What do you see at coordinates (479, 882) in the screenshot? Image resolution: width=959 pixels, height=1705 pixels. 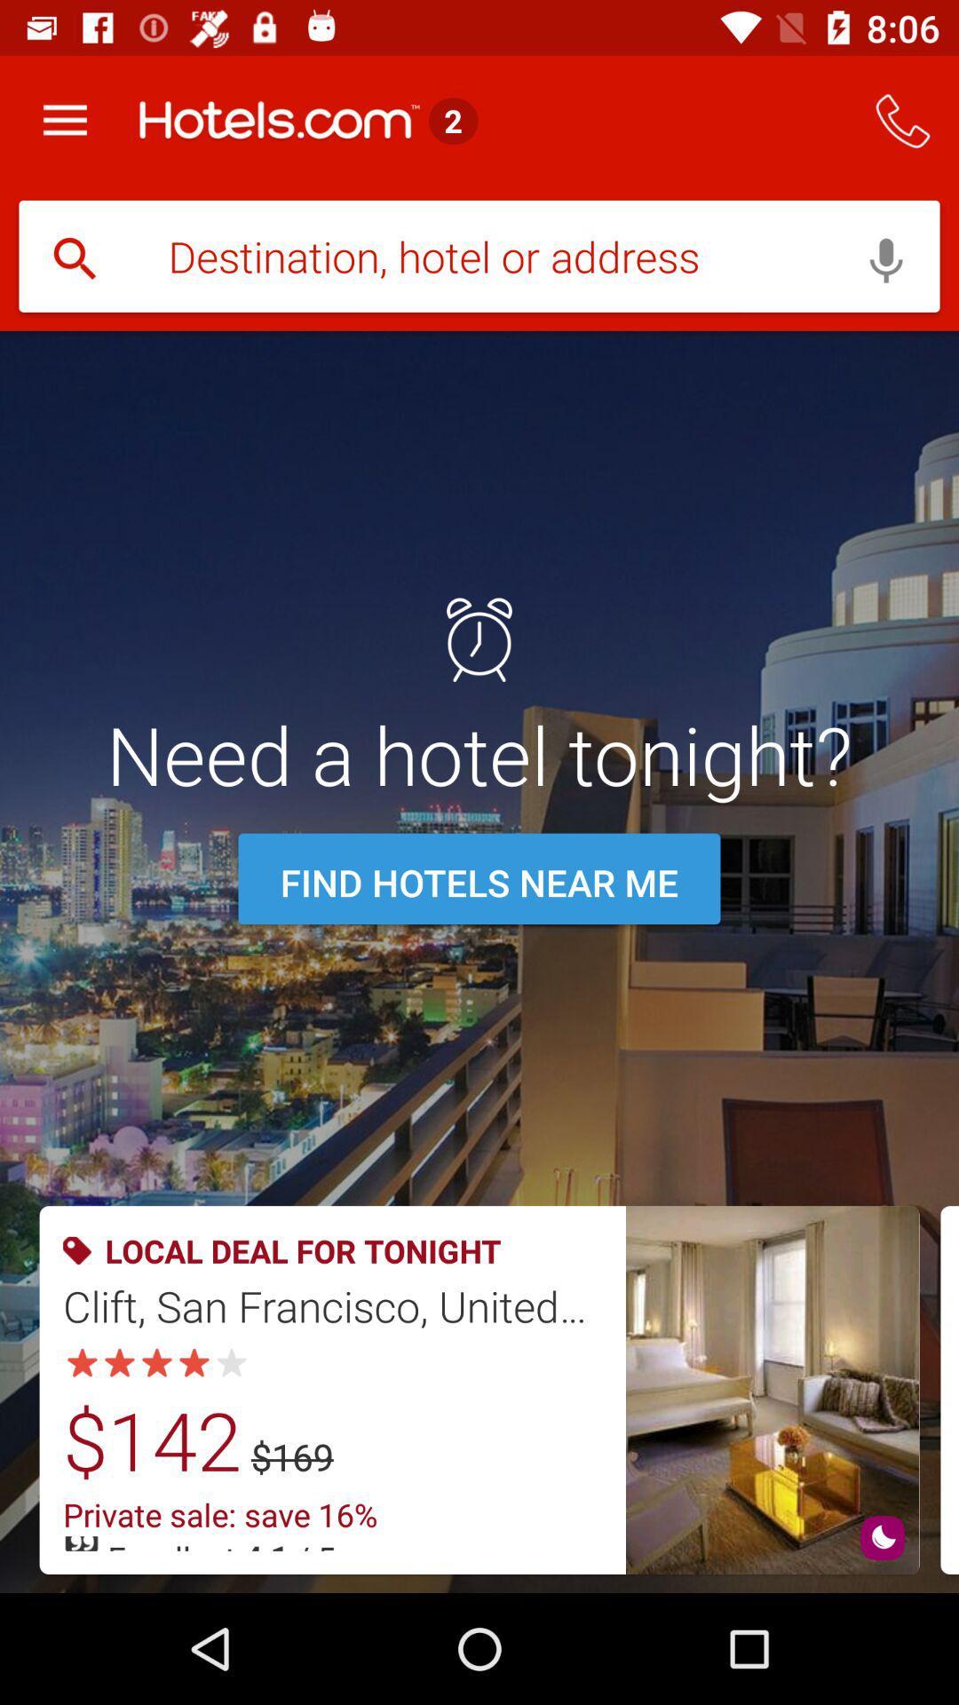 I see `the find hotels near` at bounding box center [479, 882].